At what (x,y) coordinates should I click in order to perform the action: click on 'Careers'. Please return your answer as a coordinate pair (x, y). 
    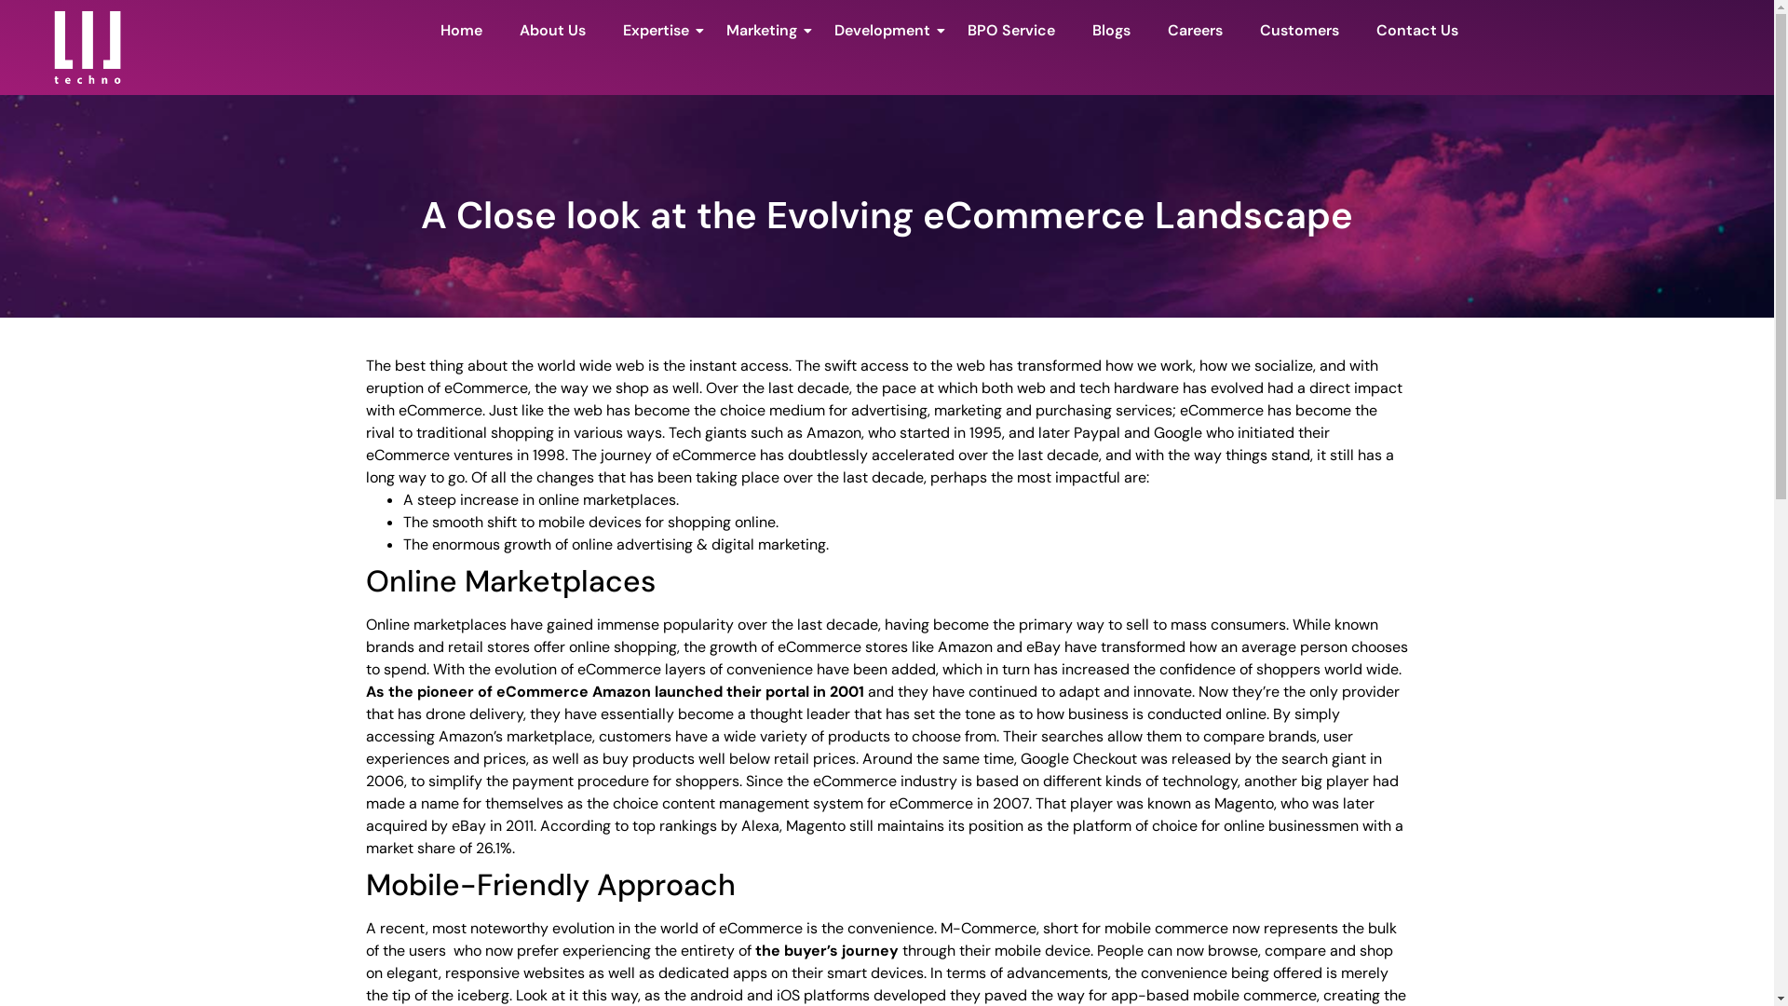
    Looking at the image, I should click on (1195, 32).